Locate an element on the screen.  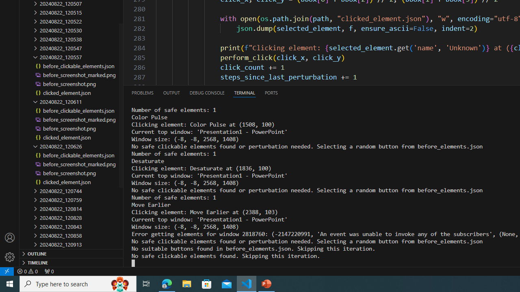
'No Problems' is located at coordinates (27, 271).